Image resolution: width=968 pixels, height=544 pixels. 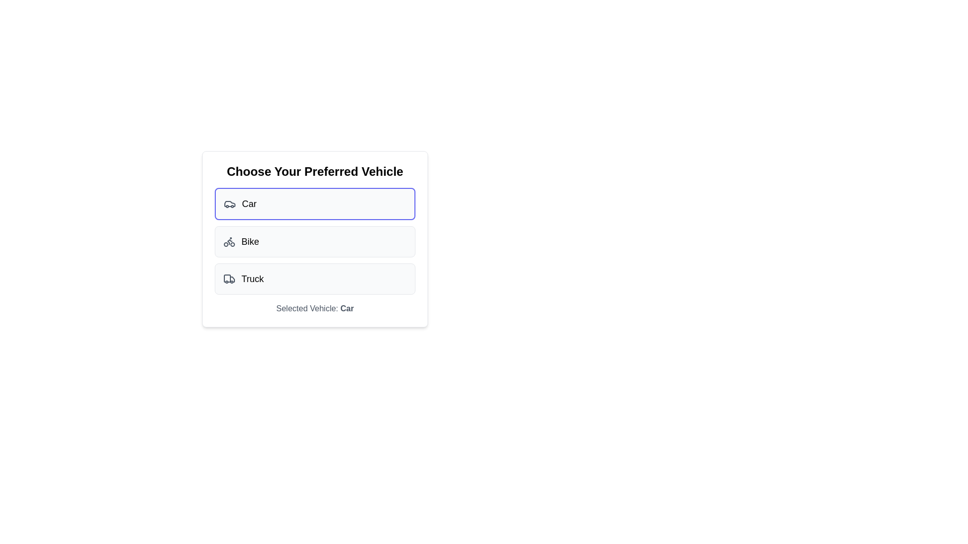 What do you see at coordinates (314, 279) in the screenshot?
I see `the 'Truck' selectable card using keyboard navigation` at bounding box center [314, 279].